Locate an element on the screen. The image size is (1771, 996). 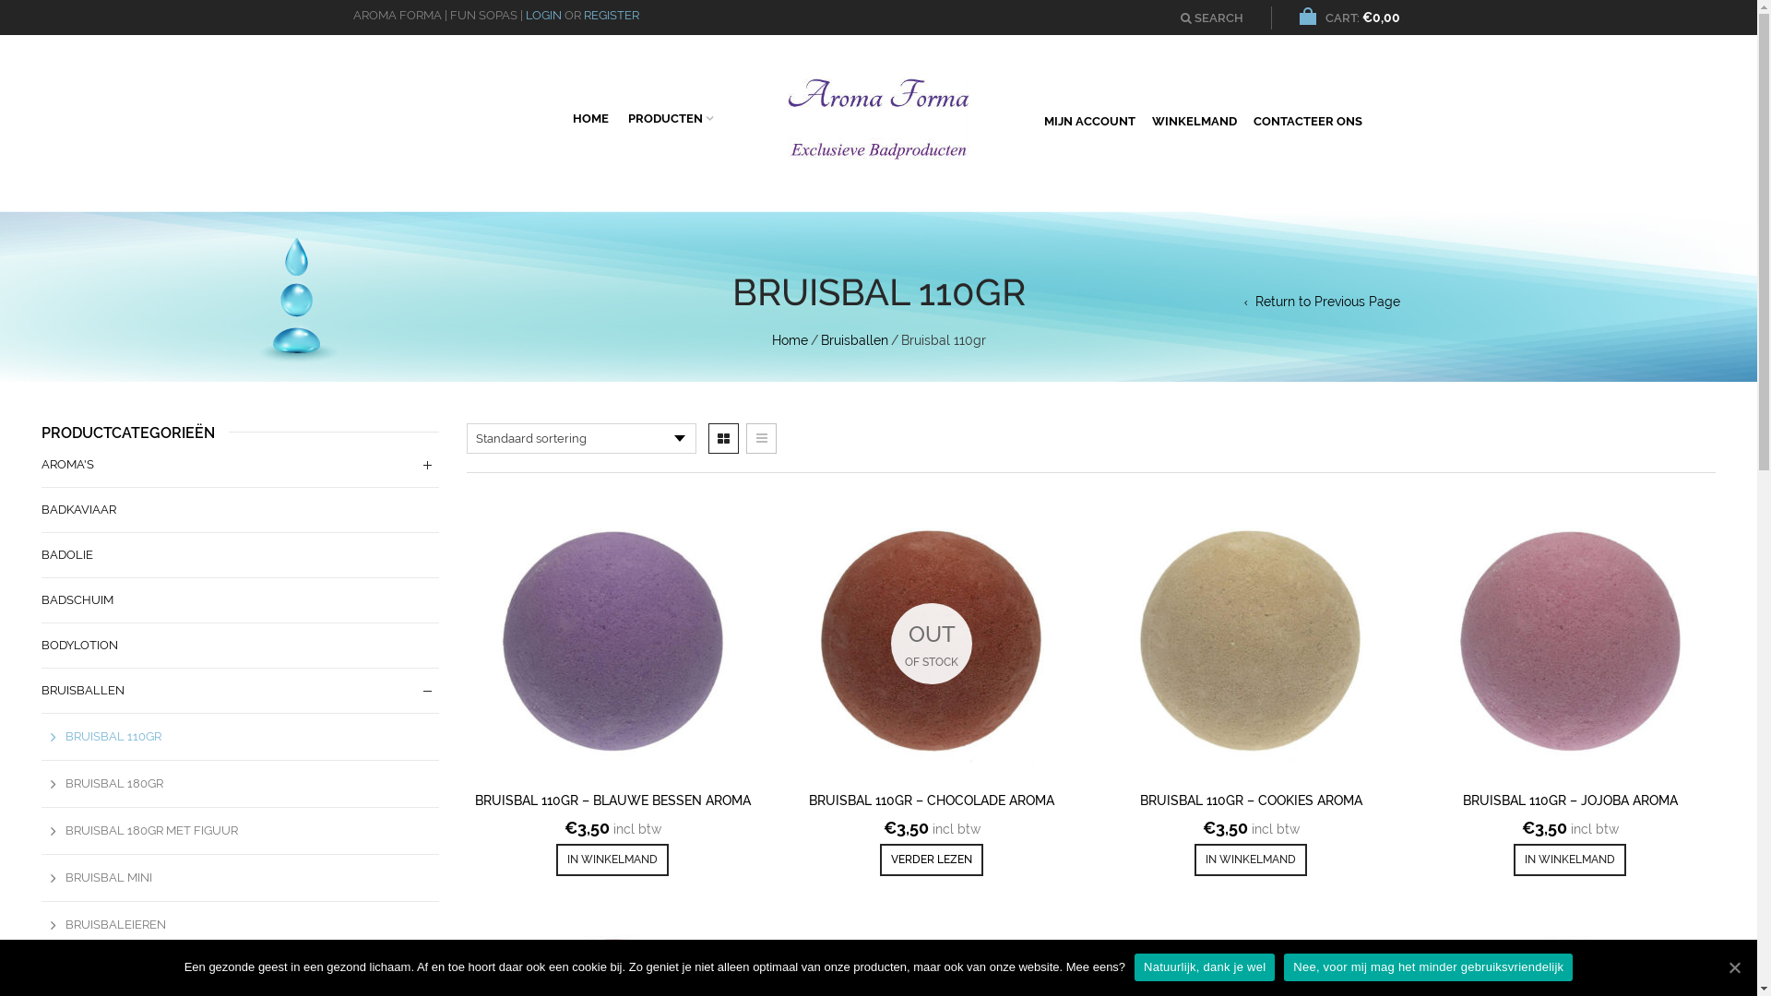
'HOME' is located at coordinates (590, 116).